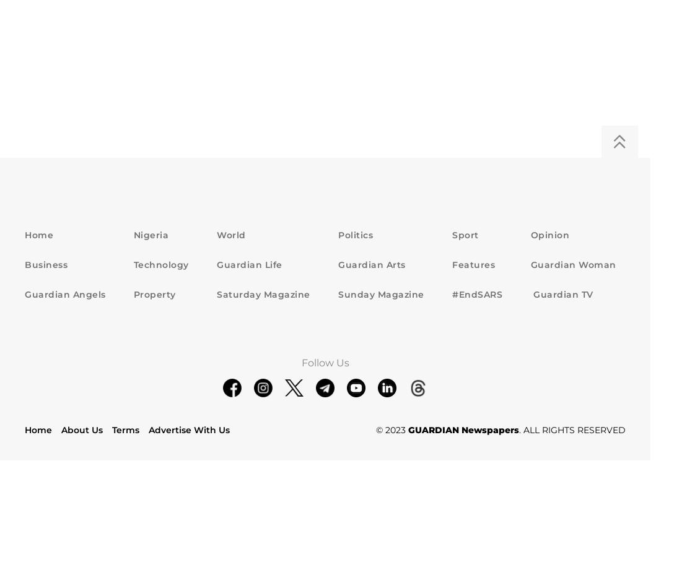 The height and width of the screenshot is (565, 700). What do you see at coordinates (574, 429) in the screenshot?
I see `'ALL RIGHTS RESERVED'` at bounding box center [574, 429].